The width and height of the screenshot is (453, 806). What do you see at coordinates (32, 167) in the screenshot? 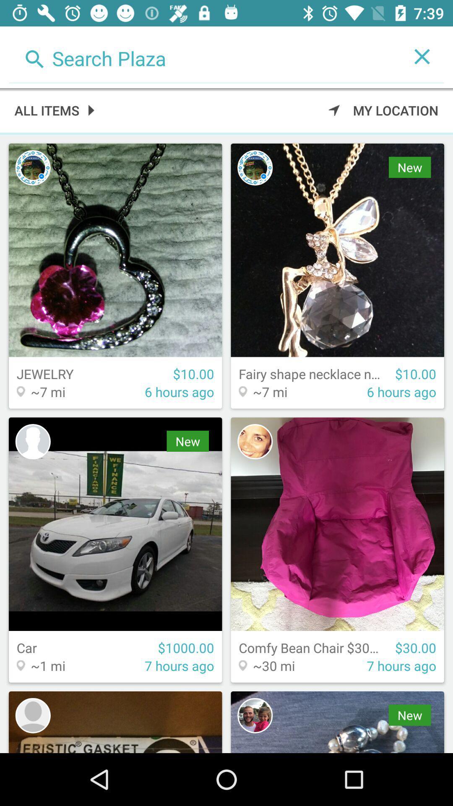
I see `see seller profile` at bounding box center [32, 167].